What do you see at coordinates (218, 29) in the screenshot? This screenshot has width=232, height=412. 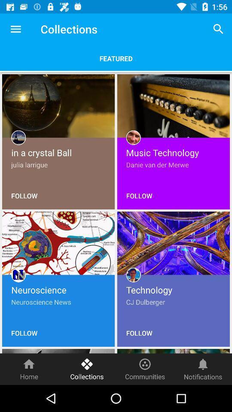 I see `the icon to the right of the collections icon` at bounding box center [218, 29].